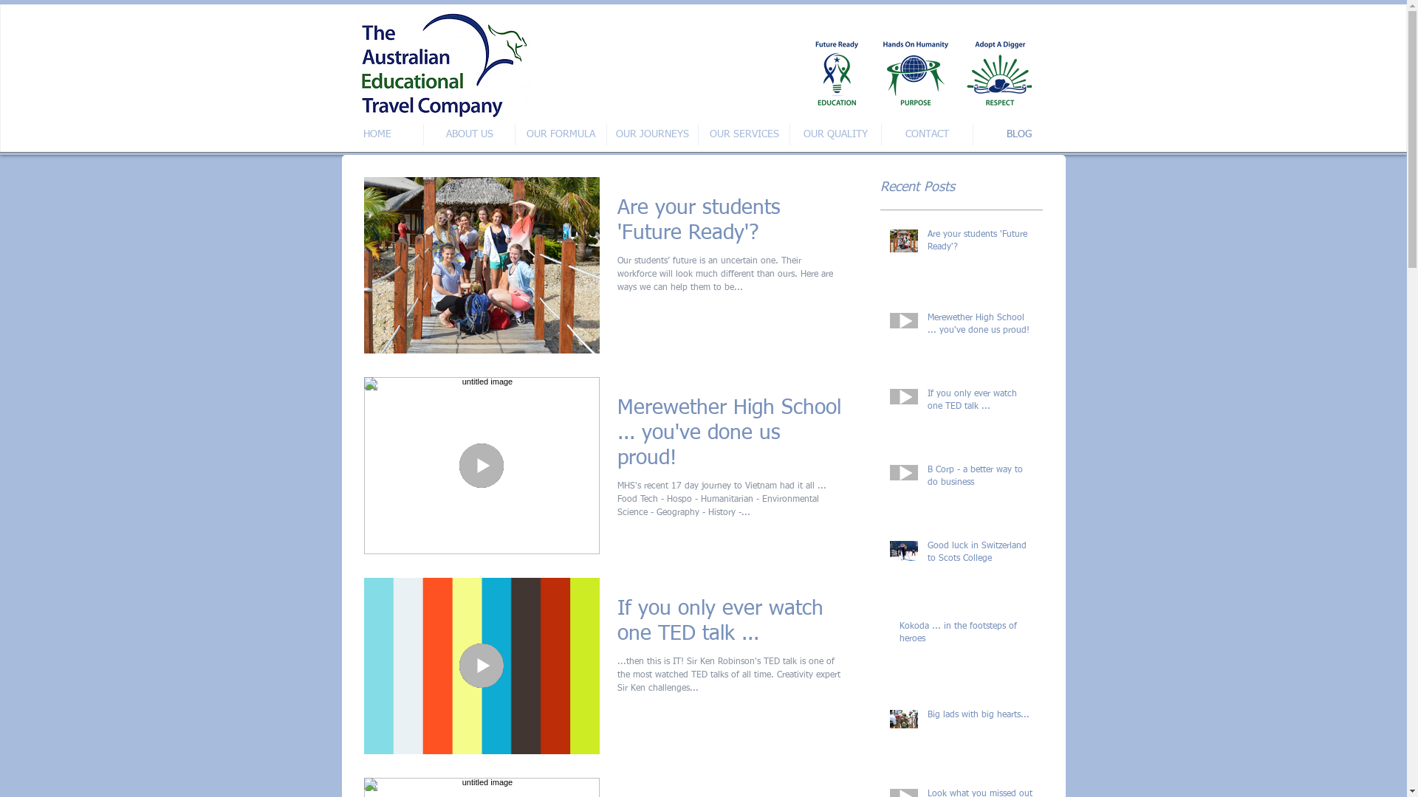 The image size is (1418, 797). I want to click on 'Are your students 'Future Ready'?', so click(729, 224).